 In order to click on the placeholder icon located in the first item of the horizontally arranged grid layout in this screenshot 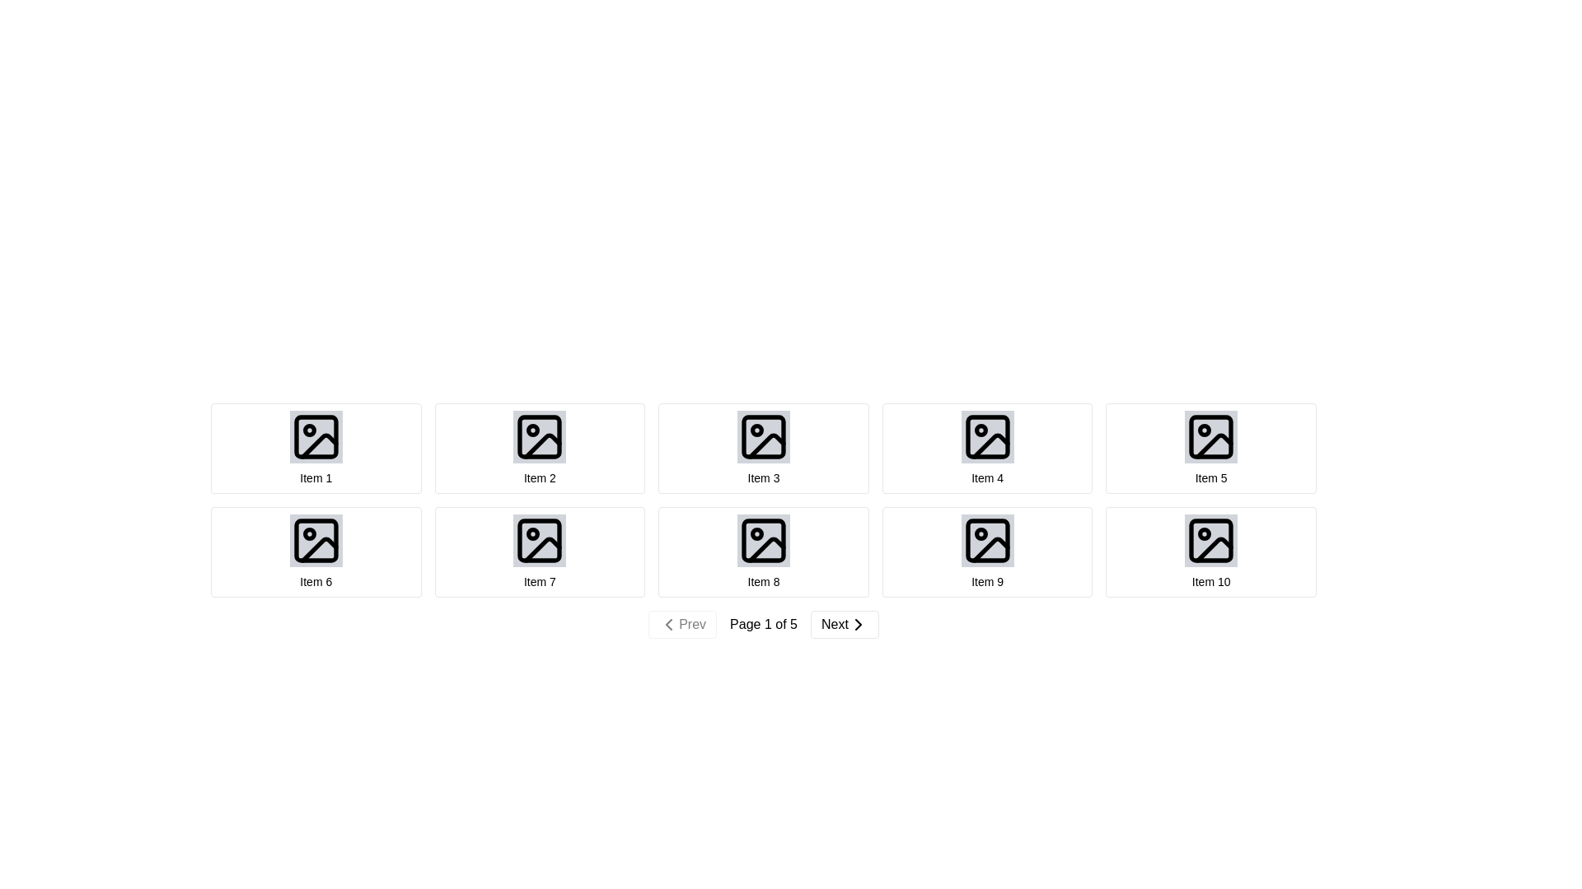, I will do `click(316, 436)`.